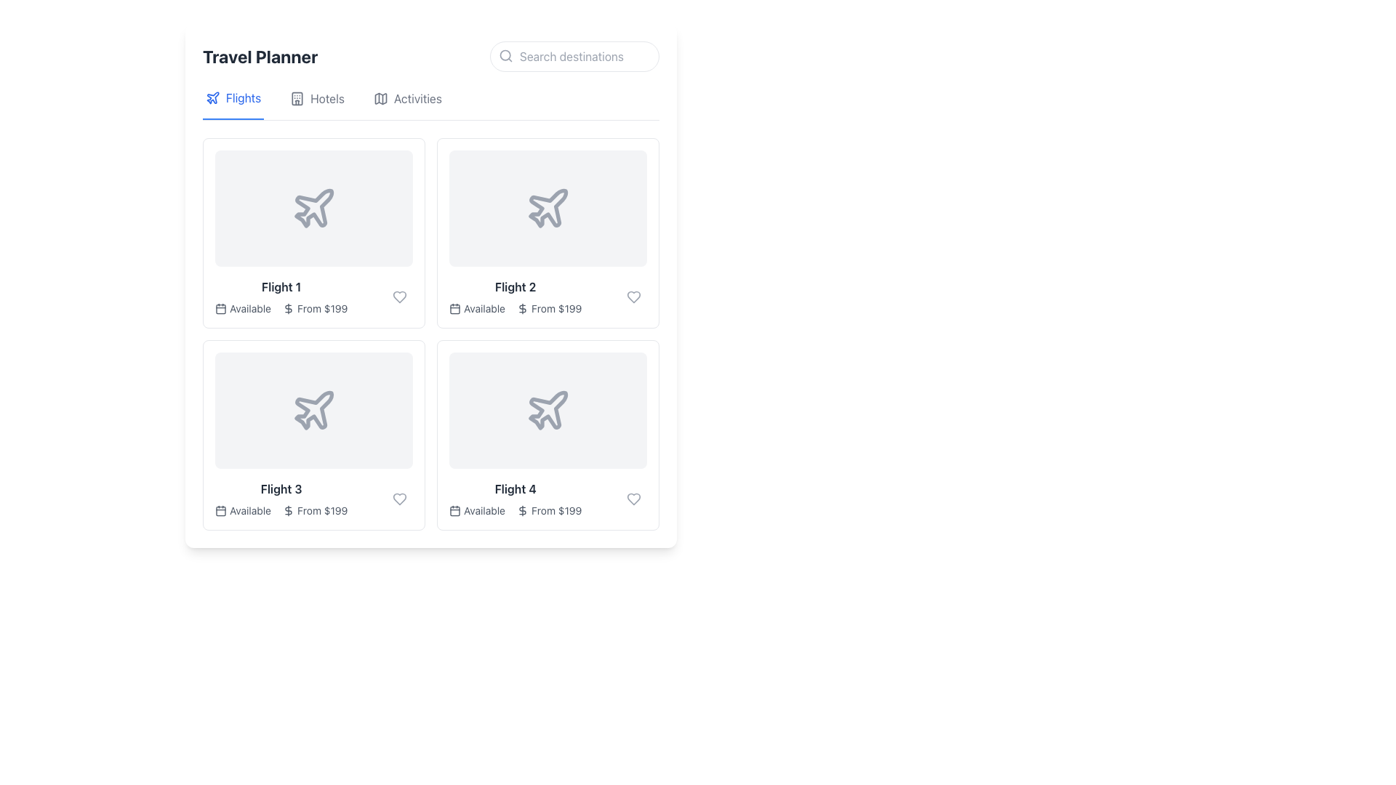 Image resolution: width=1396 pixels, height=785 pixels. I want to click on the favorite indicator icon within the button located at the bottom-right corner of the card for 'Flight 1', so click(400, 296).